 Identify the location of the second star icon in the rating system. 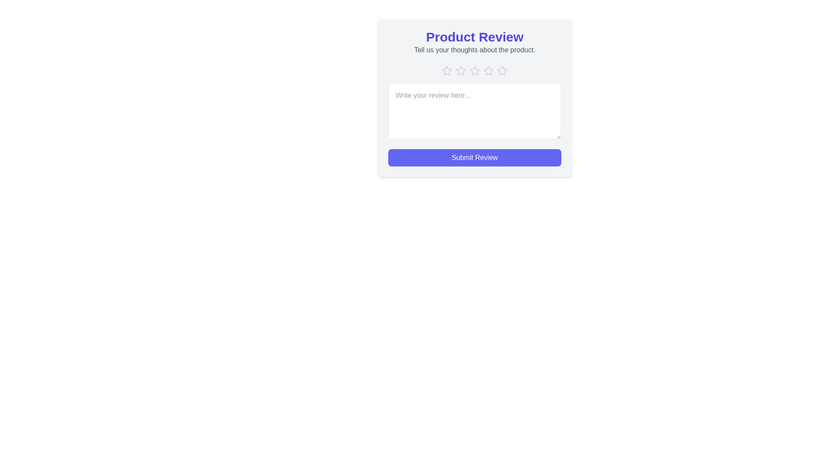
(461, 70).